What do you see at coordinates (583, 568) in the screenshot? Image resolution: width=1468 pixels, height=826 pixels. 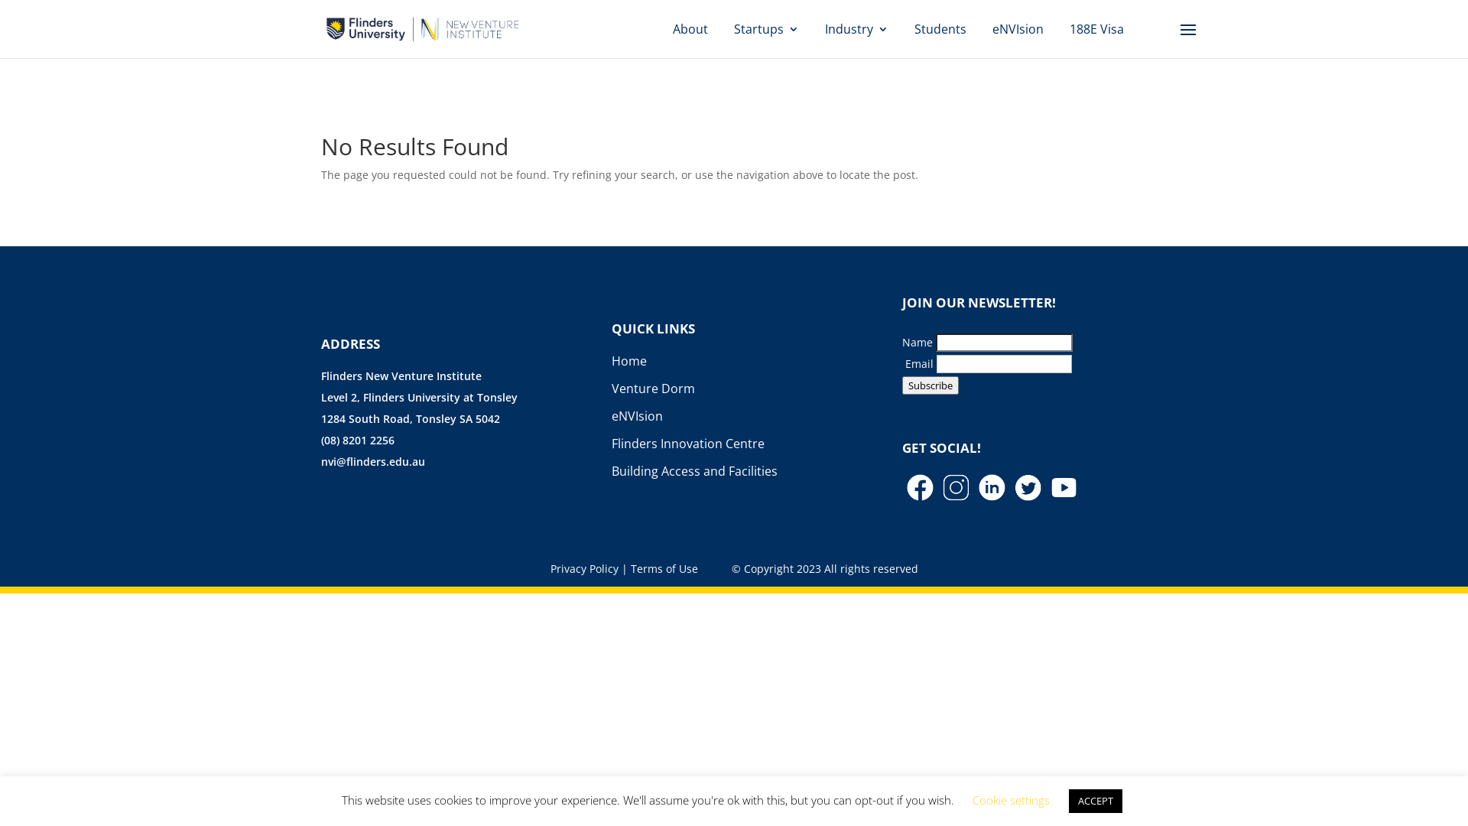 I see `'Privacy Policy'` at bounding box center [583, 568].